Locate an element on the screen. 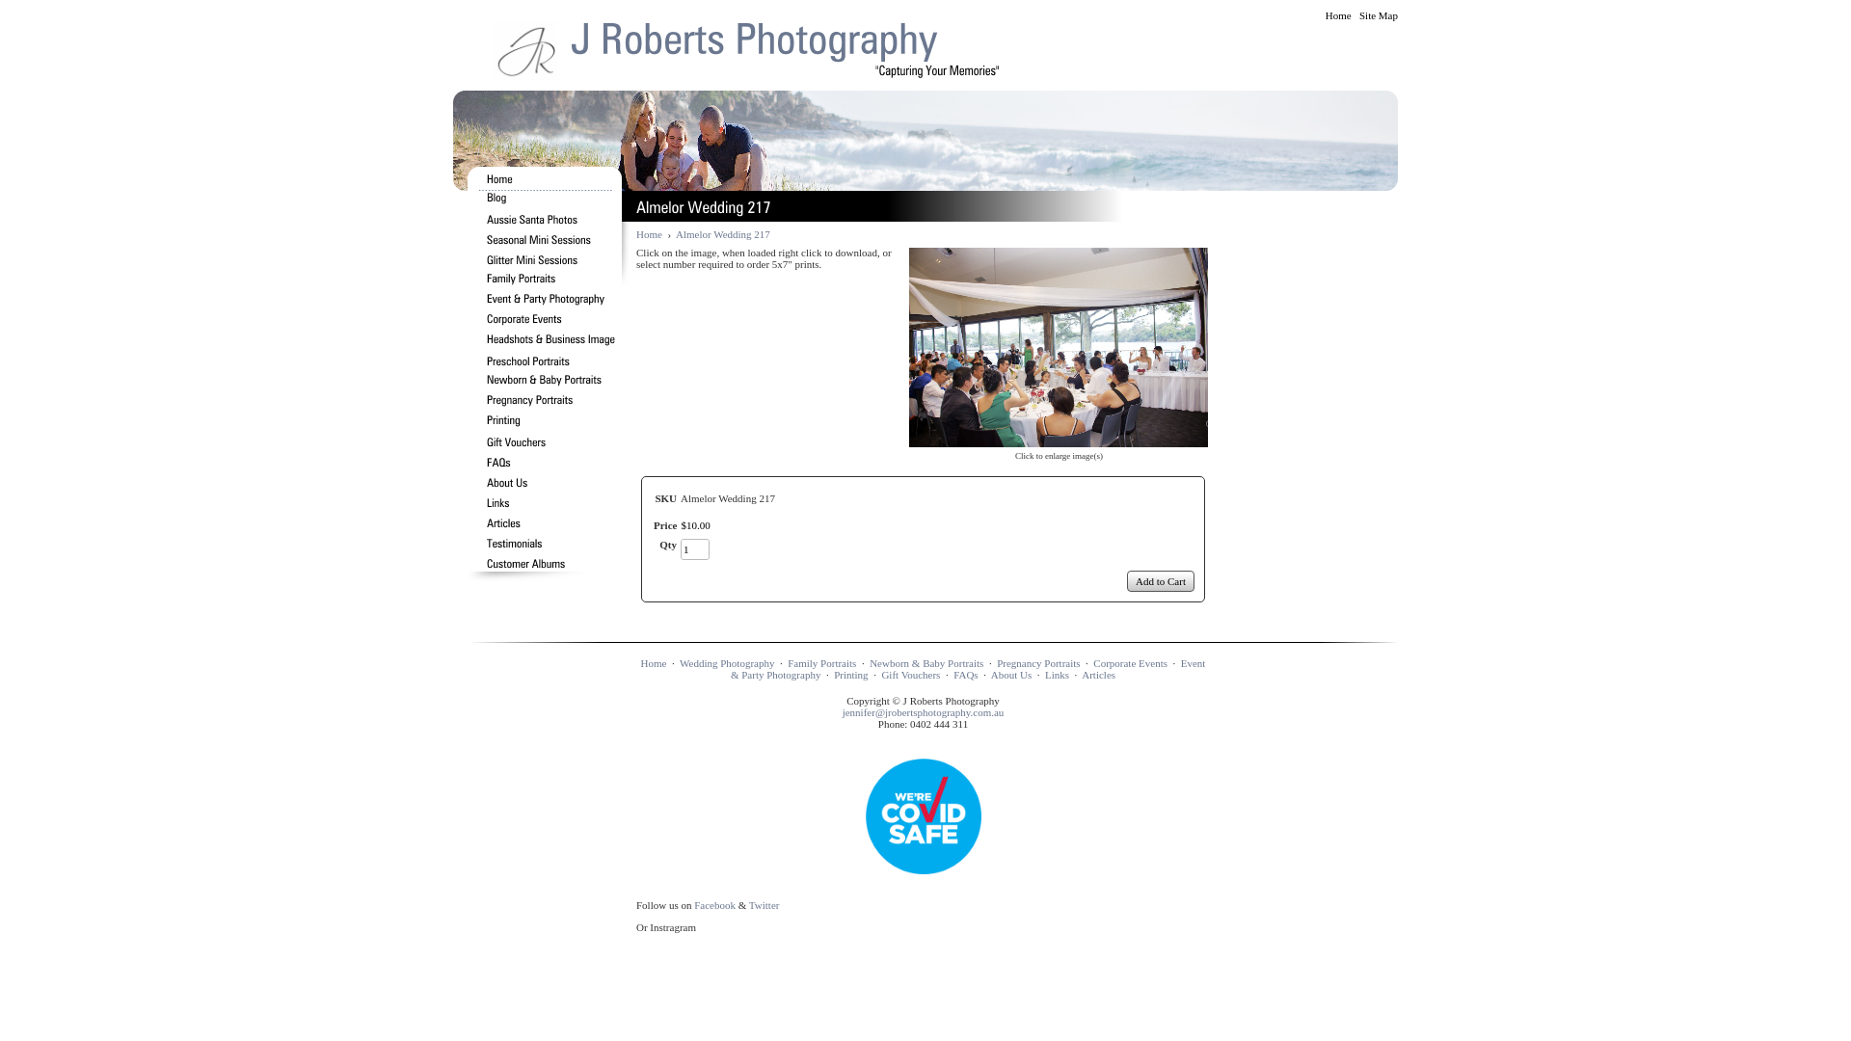 The width and height of the screenshot is (1851, 1041). 'Twitter' is located at coordinates (763, 904).